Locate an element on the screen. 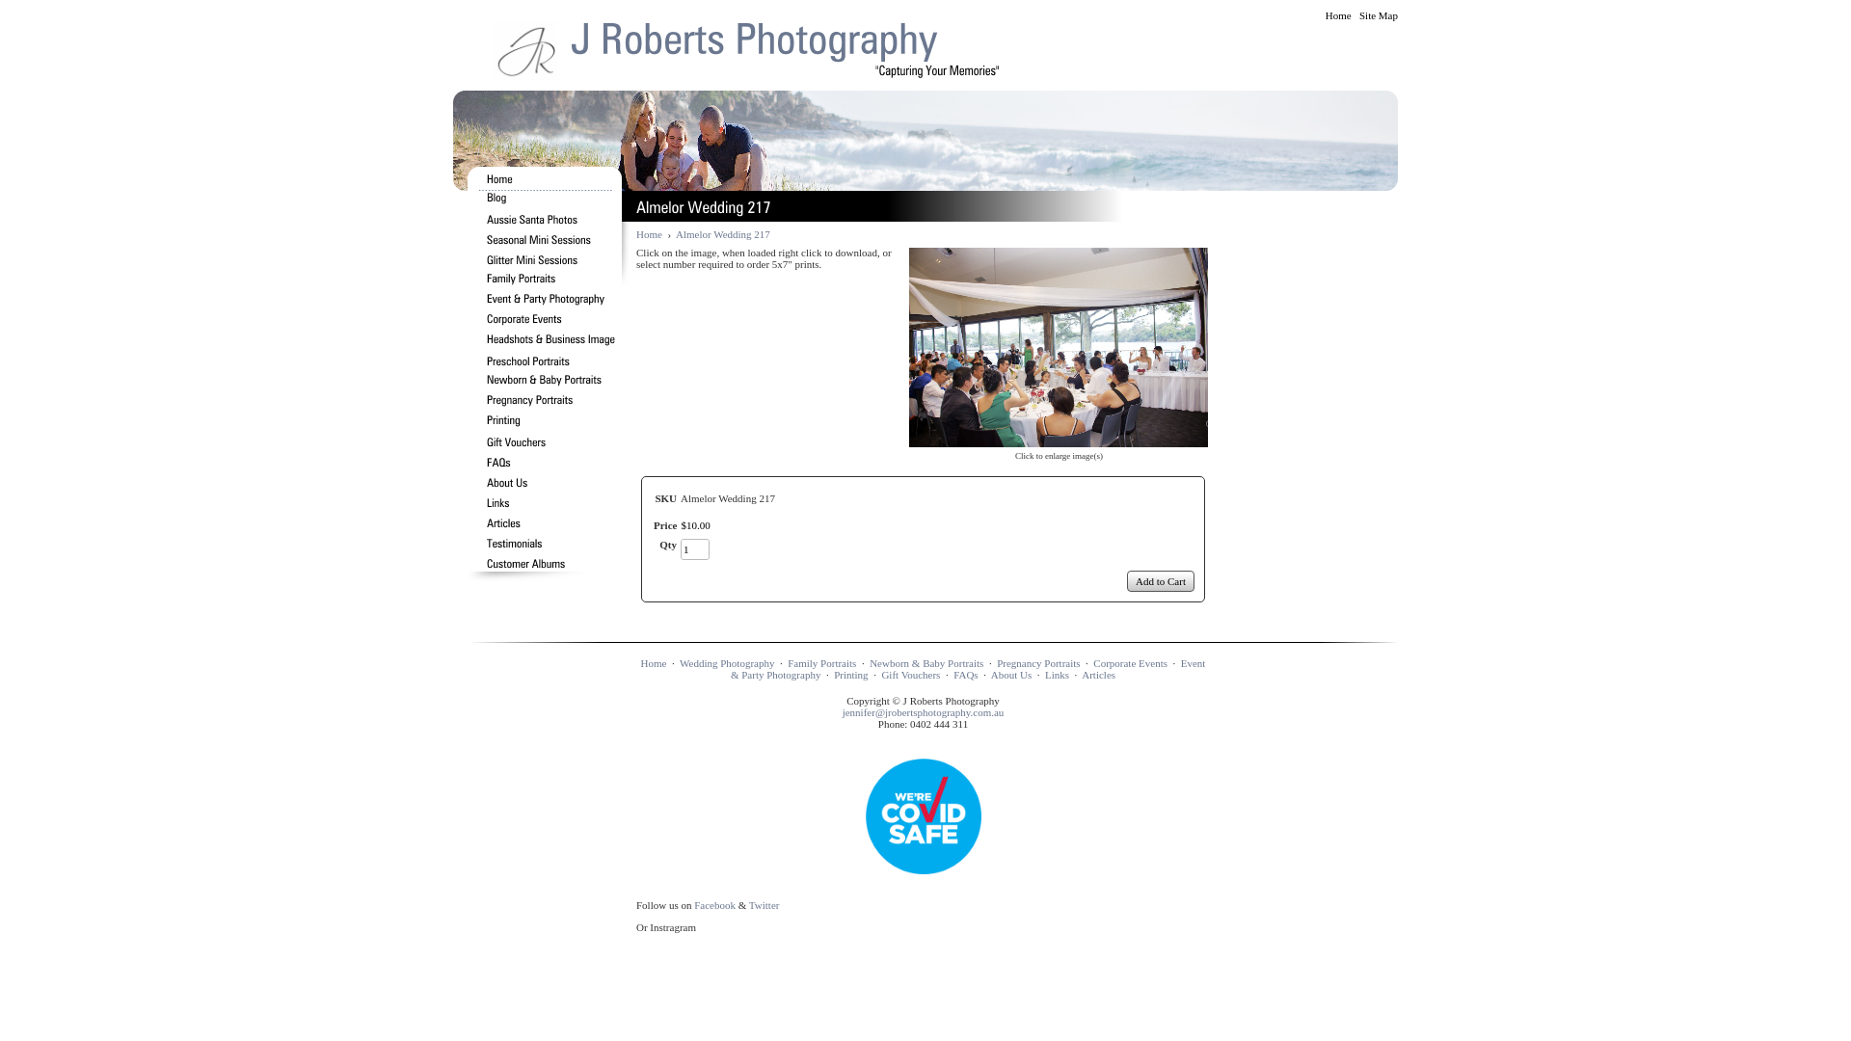 The width and height of the screenshot is (1851, 1041). 'Twitter' is located at coordinates (763, 904).